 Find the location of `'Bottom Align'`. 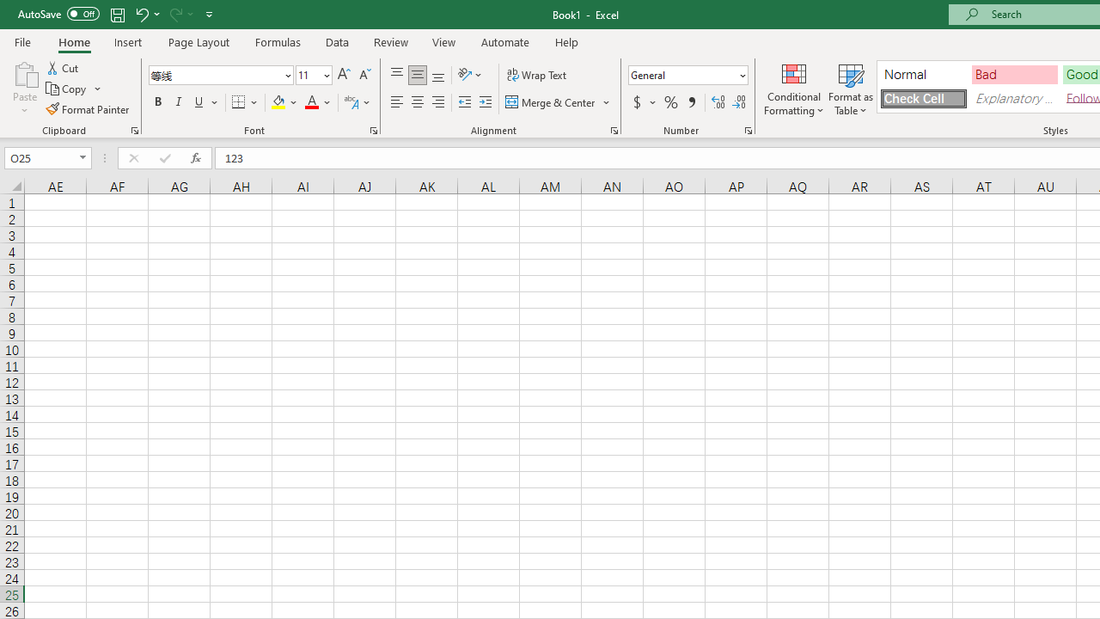

'Bottom Align' is located at coordinates (438, 74).